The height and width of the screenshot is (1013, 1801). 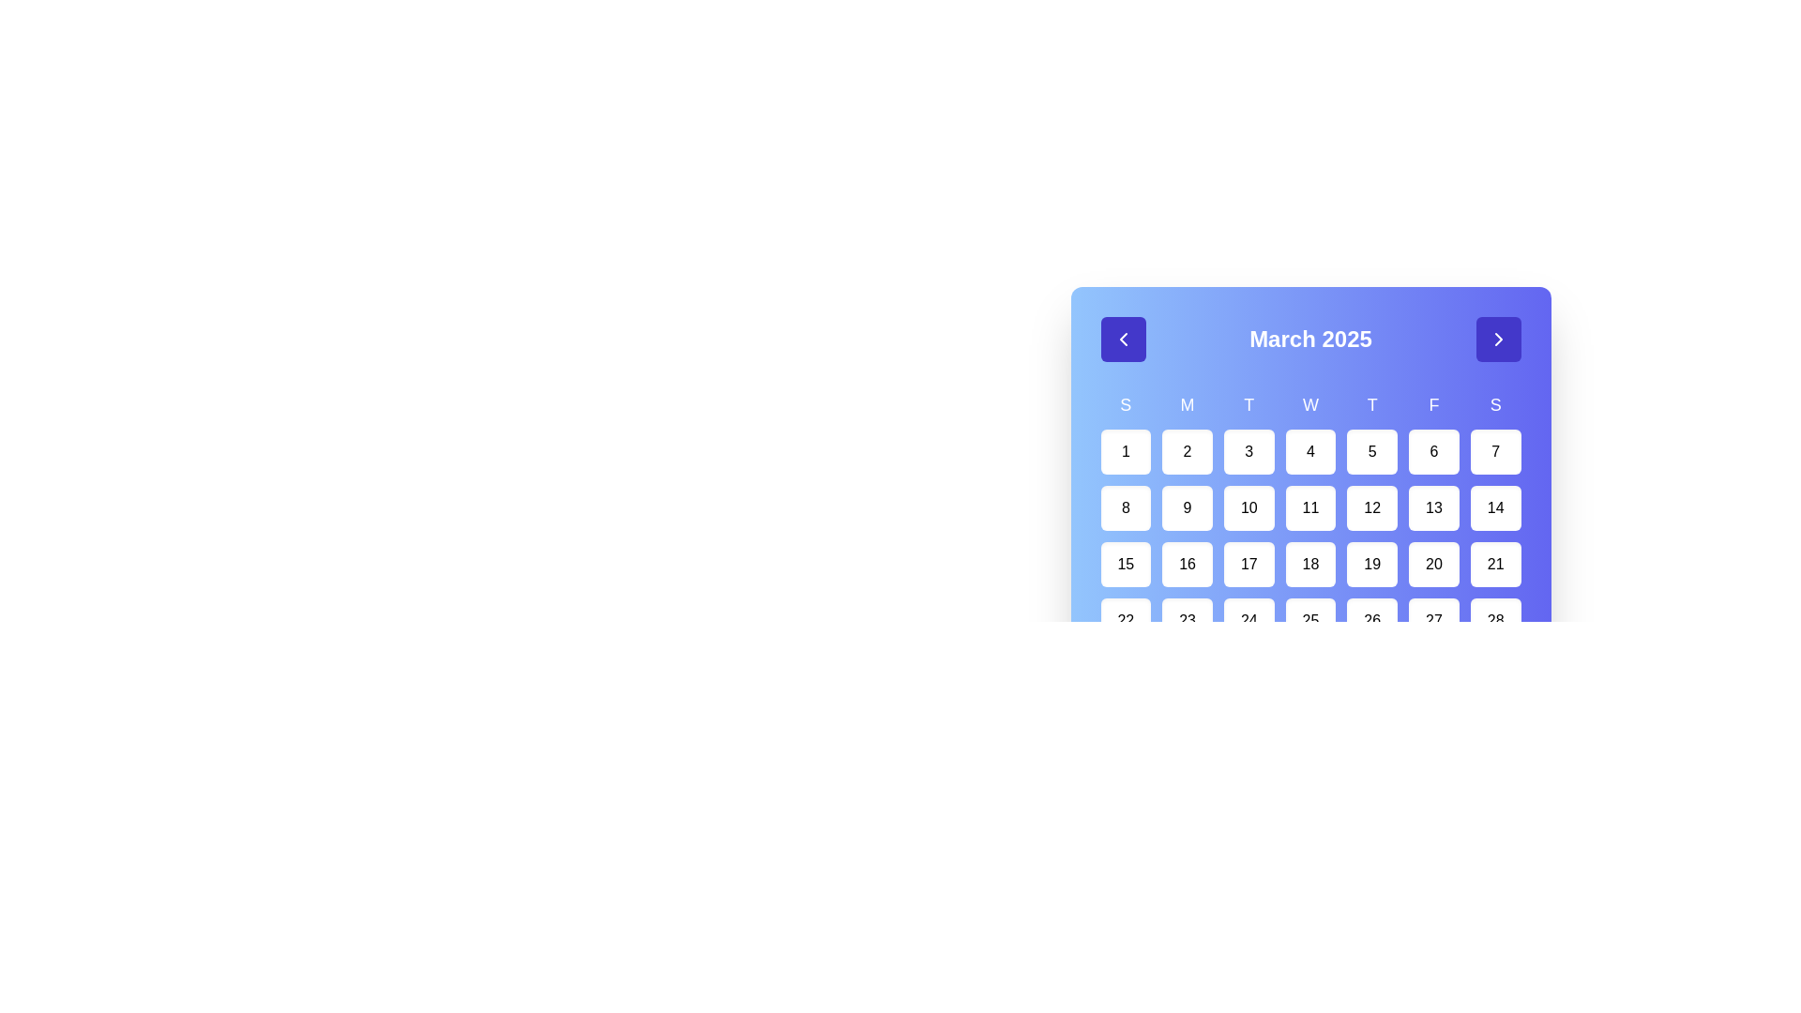 I want to click on the button located in the top-left corner of the calendar header, so click(x=1123, y=340).